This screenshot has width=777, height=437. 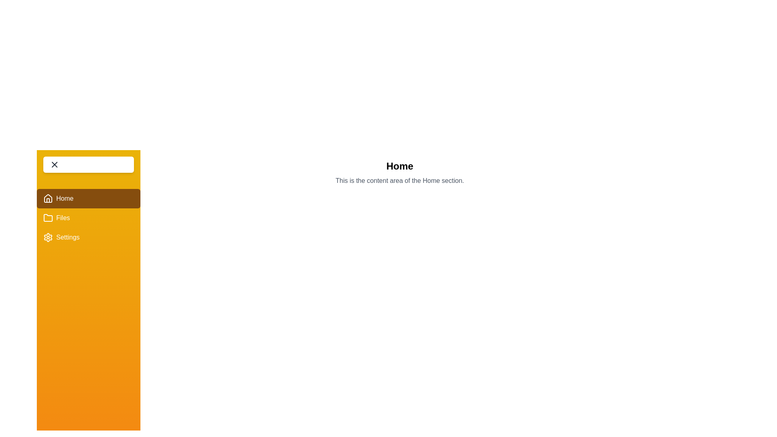 I want to click on toggle button in the drawer to change its state, so click(x=89, y=164).